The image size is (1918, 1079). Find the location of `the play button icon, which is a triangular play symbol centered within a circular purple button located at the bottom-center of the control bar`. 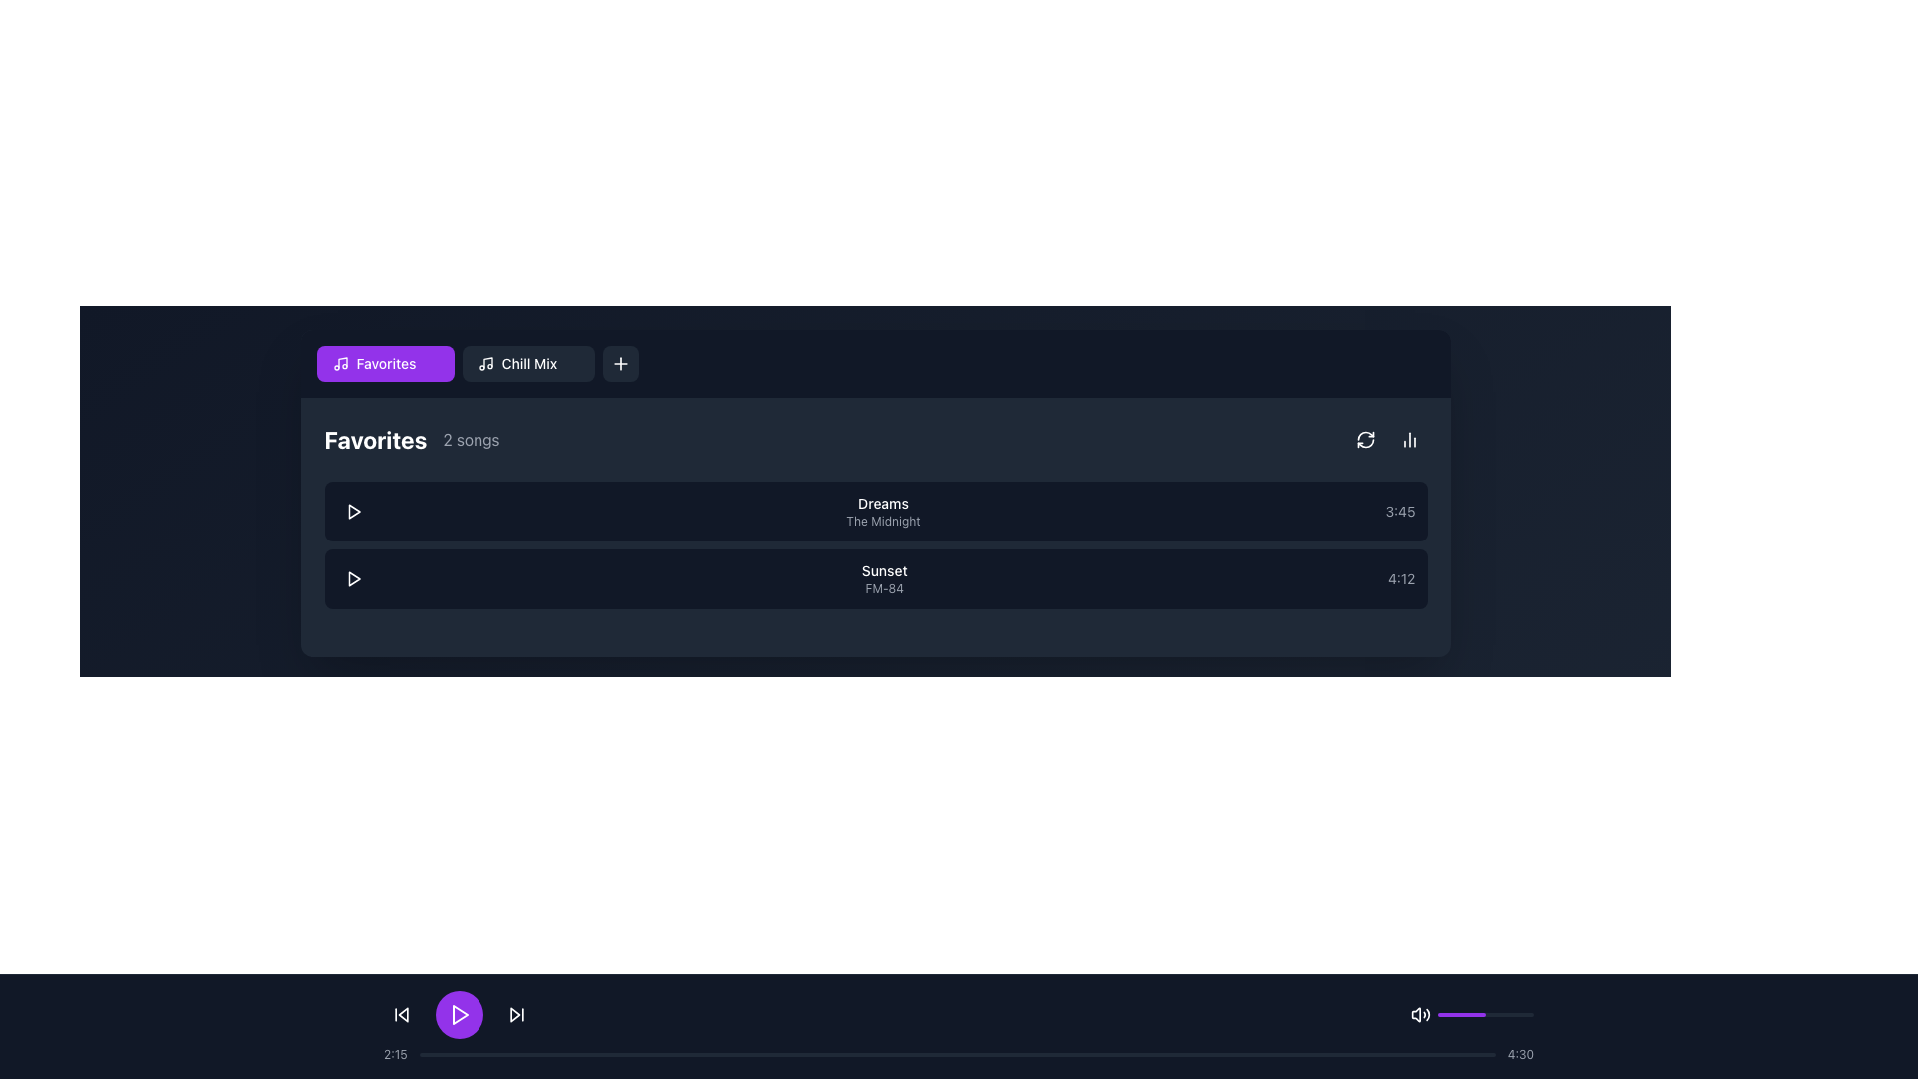

the play button icon, which is a triangular play symbol centered within a circular purple button located at the bottom-center of the control bar is located at coordinates (459, 1014).